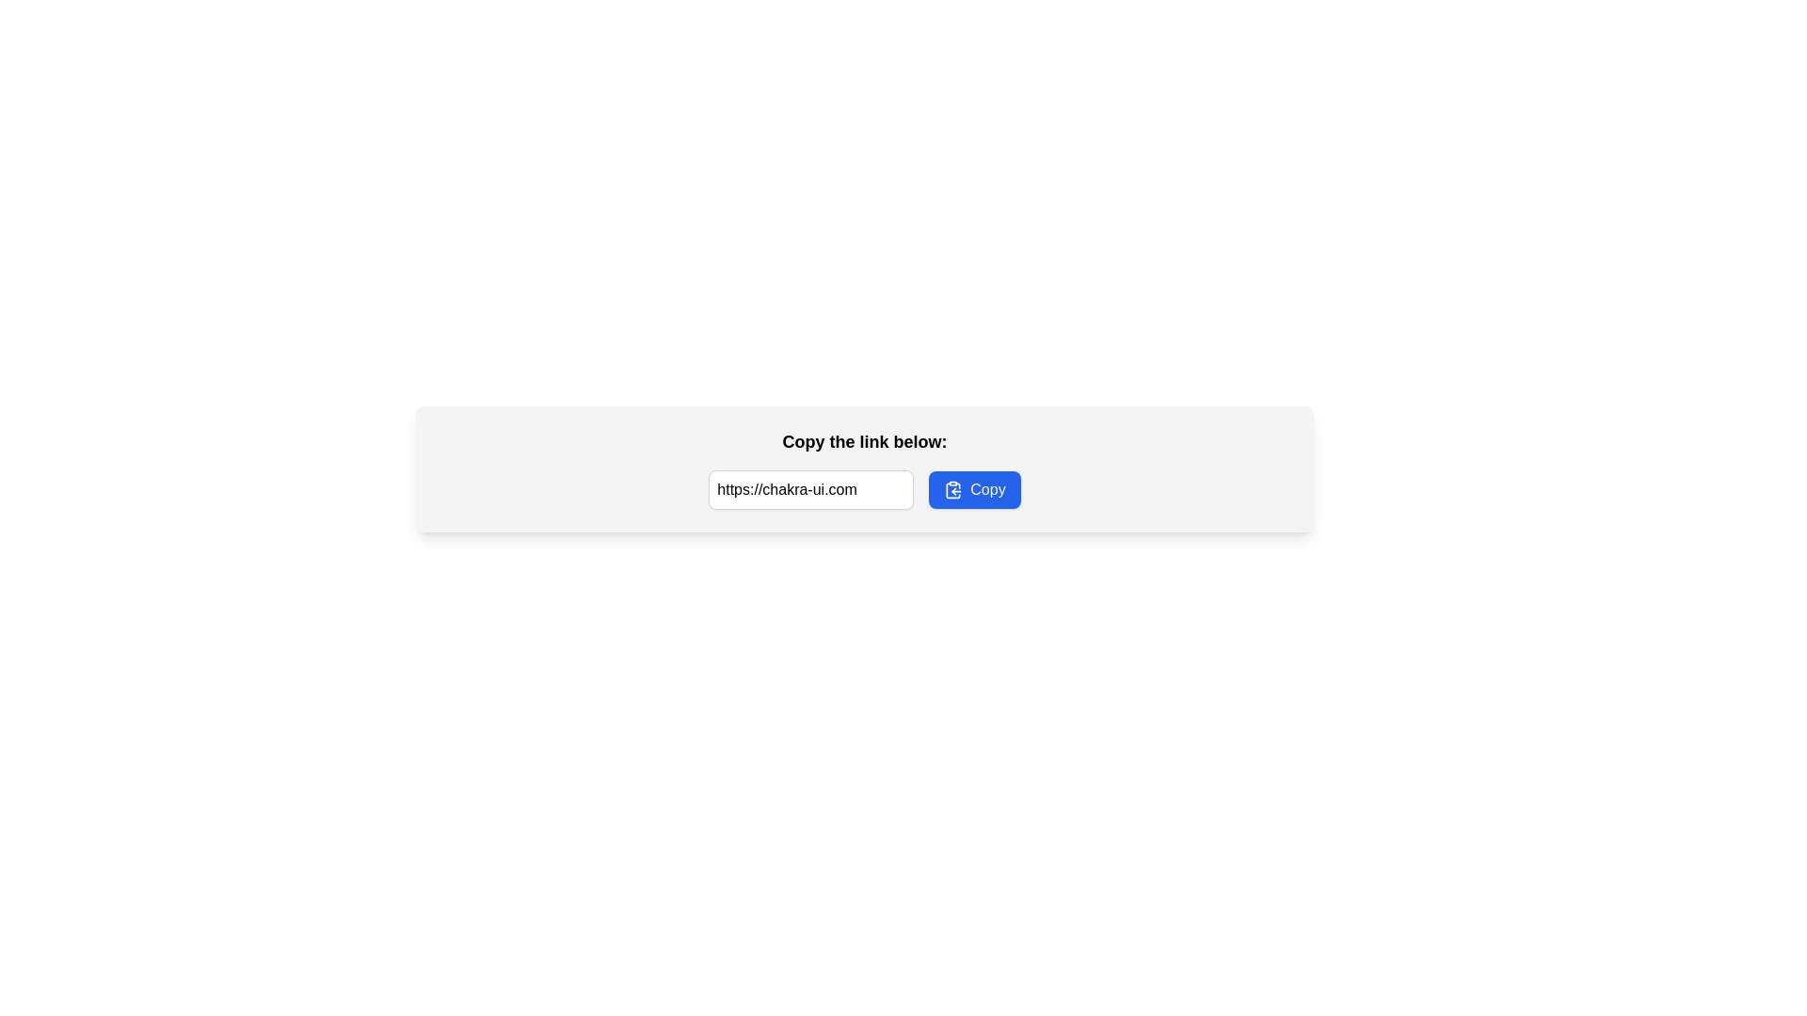 This screenshot has height=1016, width=1807. I want to click on the text input field that contains the URL 'https://chakra-ui.com', which is styled with rounded corners and a light gray border, to select the URL, so click(811, 488).